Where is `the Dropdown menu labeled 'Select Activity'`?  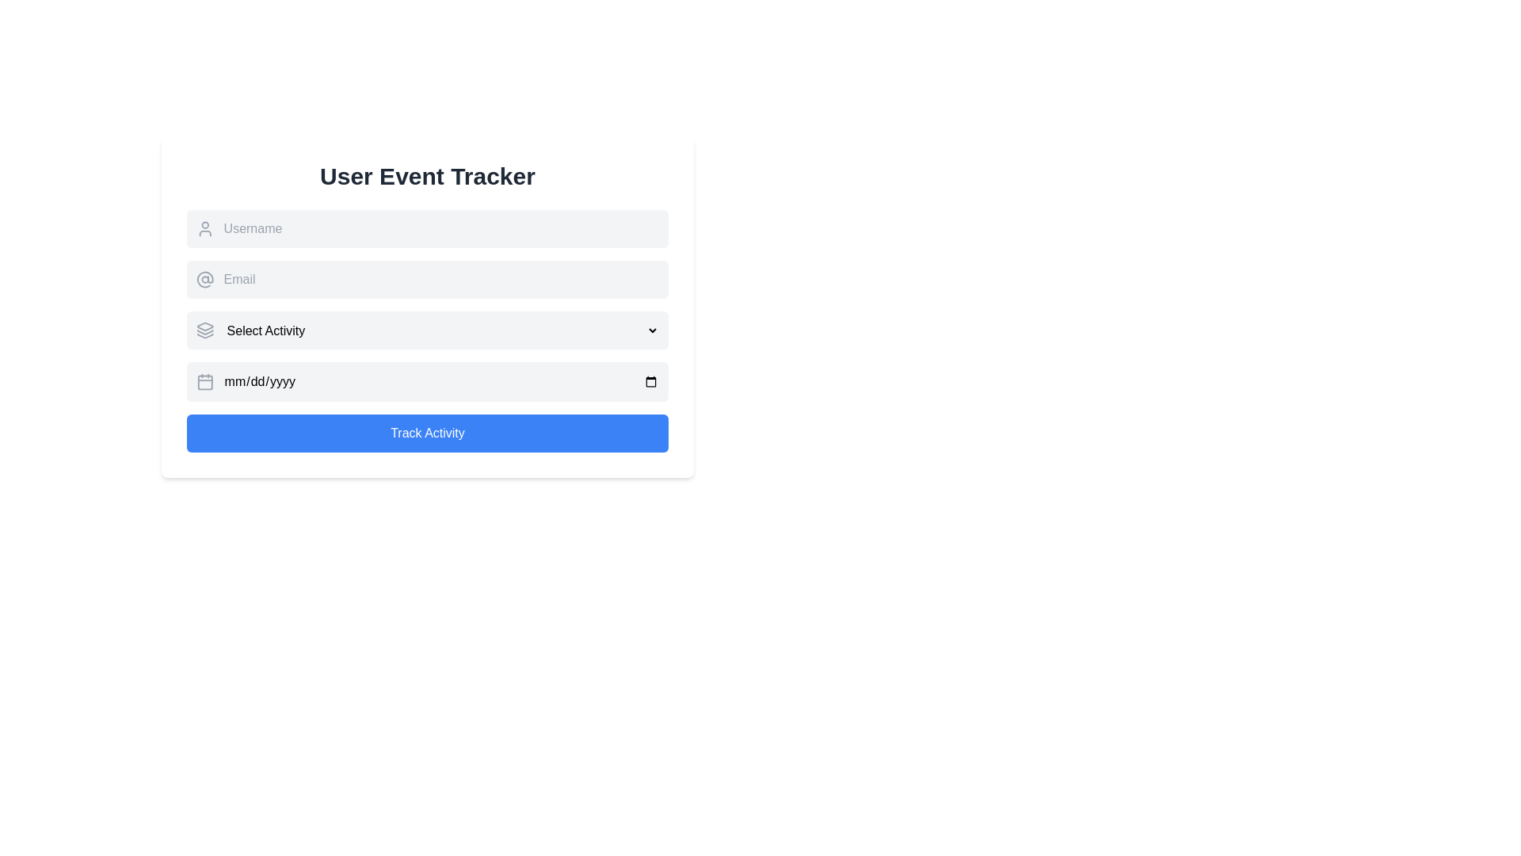
the Dropdown menu labeled 'Select Activity' is located at coordinates (441, 329).